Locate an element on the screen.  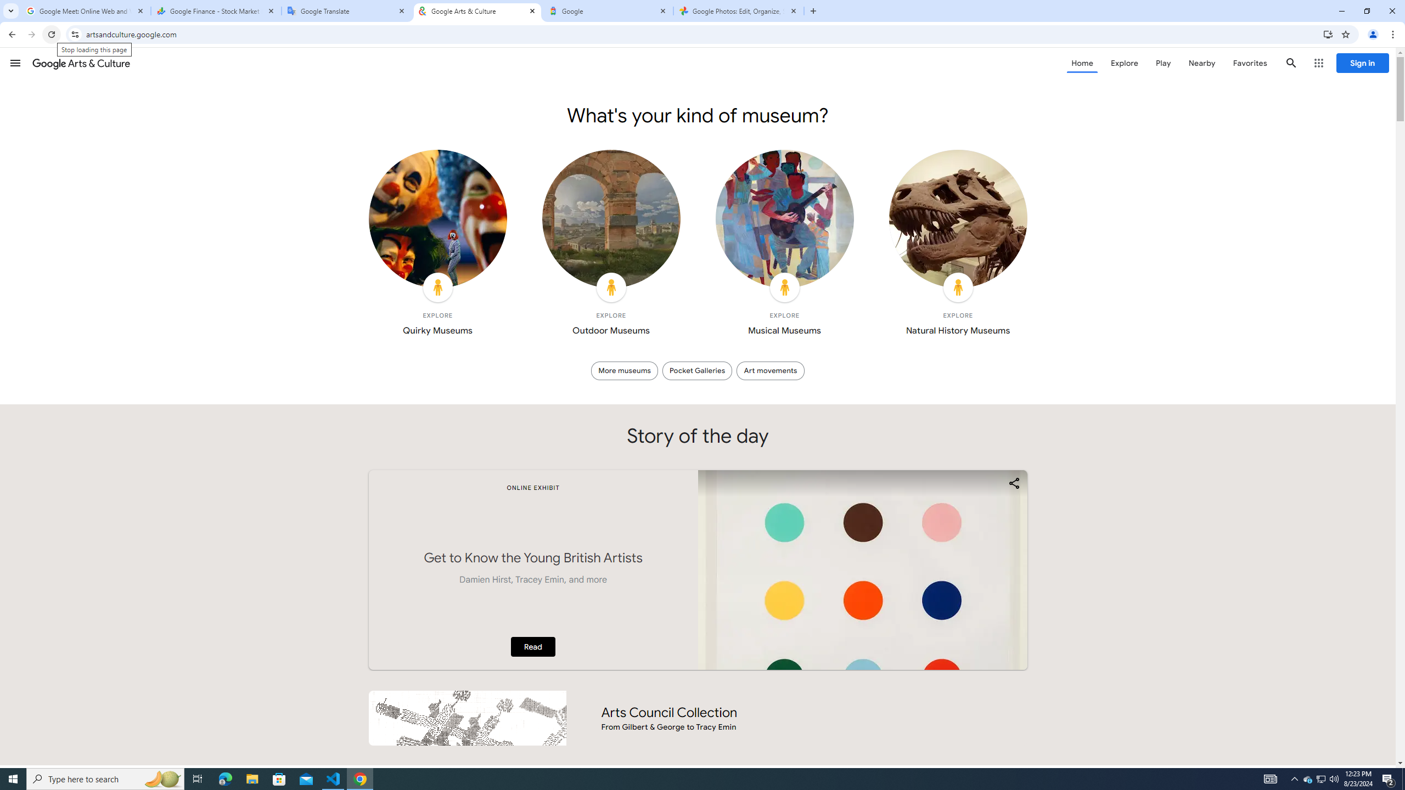
'Home' is located at coordinates (1081, 63).